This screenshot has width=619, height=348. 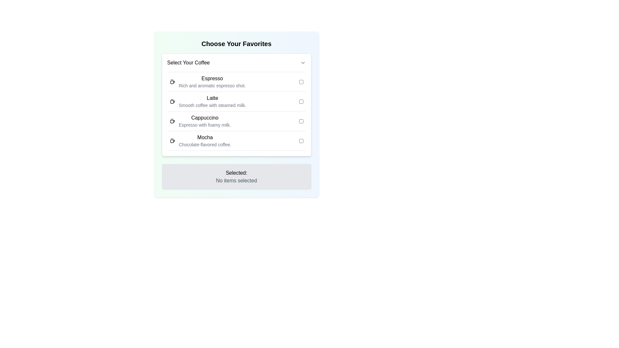 What do you see at coordinates (301, 101) in the screenshot?
I see `the checkbox` at bounding box center [301, 101].